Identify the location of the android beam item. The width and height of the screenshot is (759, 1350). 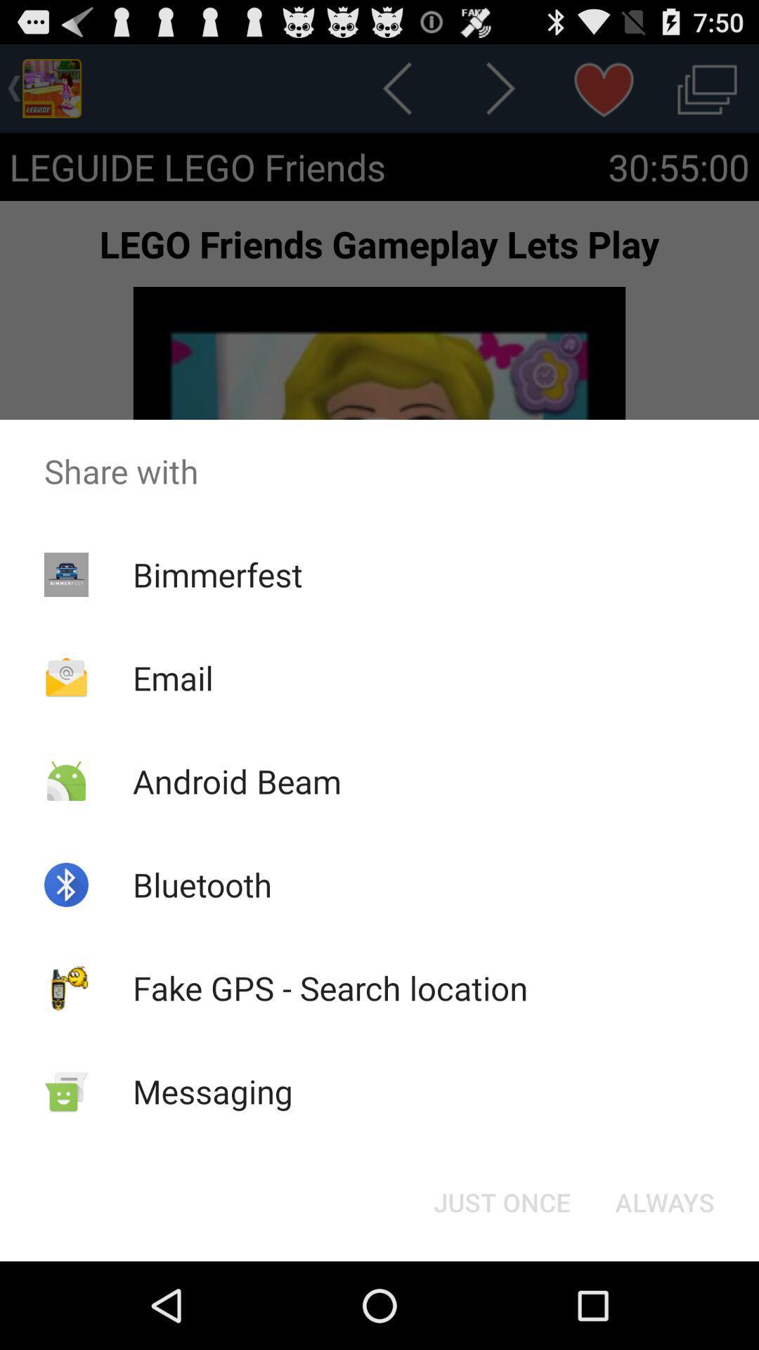
(236, 780).